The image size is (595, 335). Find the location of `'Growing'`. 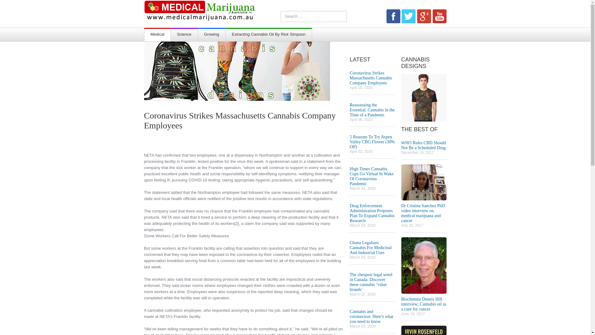

'Growing' is located at coordinates (211, 35).